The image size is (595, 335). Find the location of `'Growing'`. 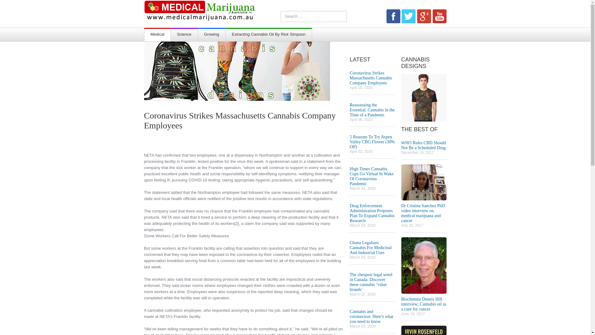

'Growing' is located at coordinates (211, 35).